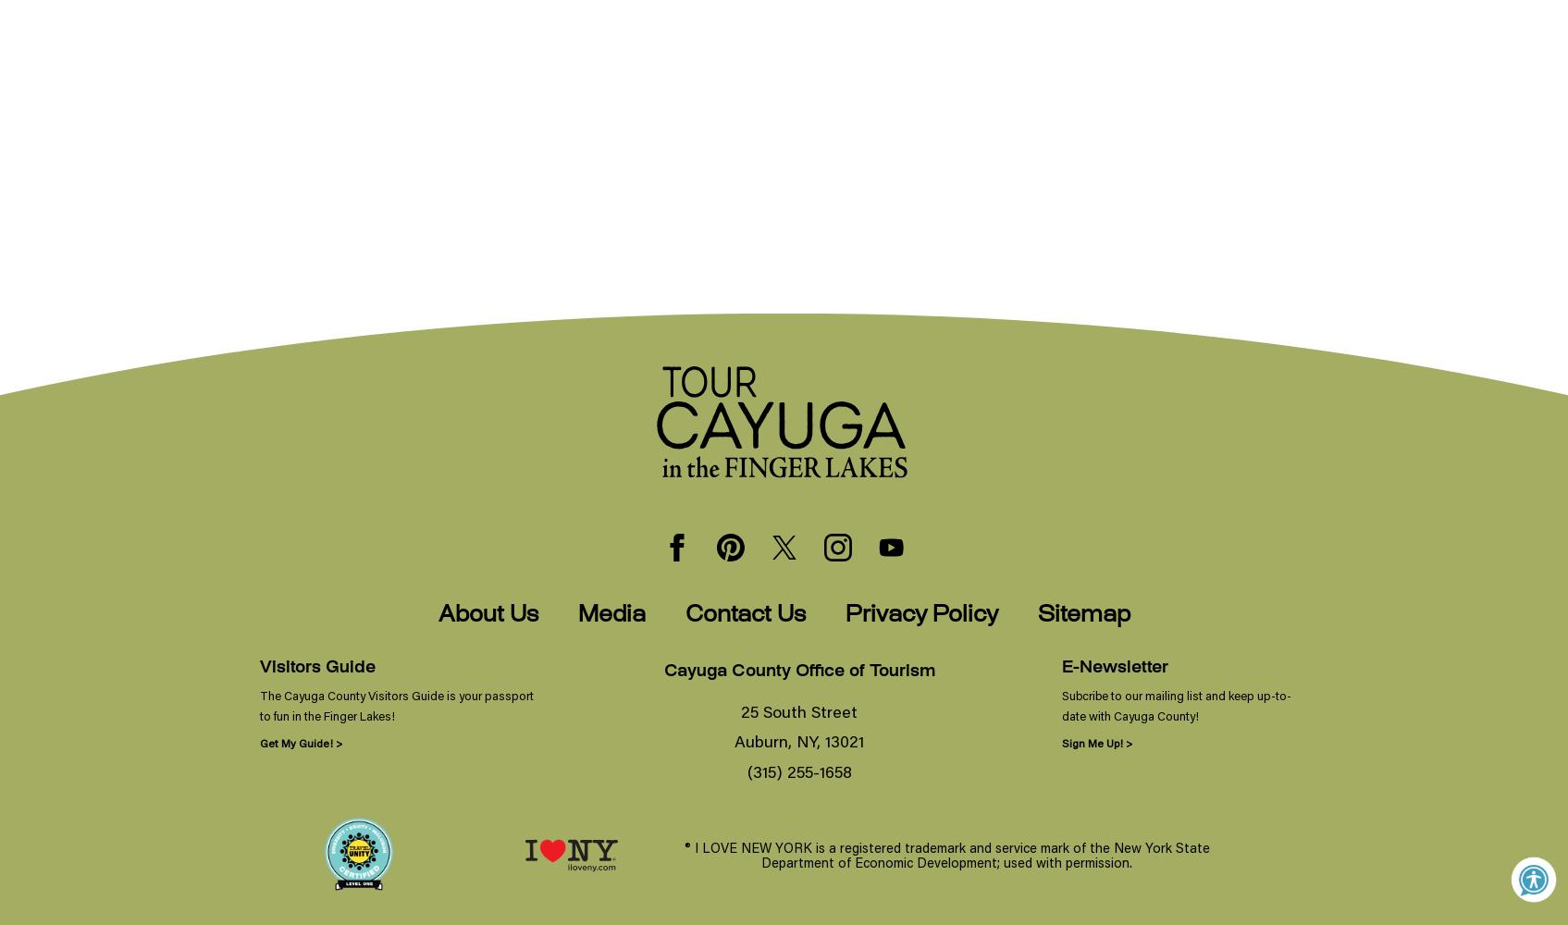 The height and width of the screenshot is (925, 1568). Describe the element at coordinates (315, 667) in the screenshot. I see `'Visitors Guide'` at that location.